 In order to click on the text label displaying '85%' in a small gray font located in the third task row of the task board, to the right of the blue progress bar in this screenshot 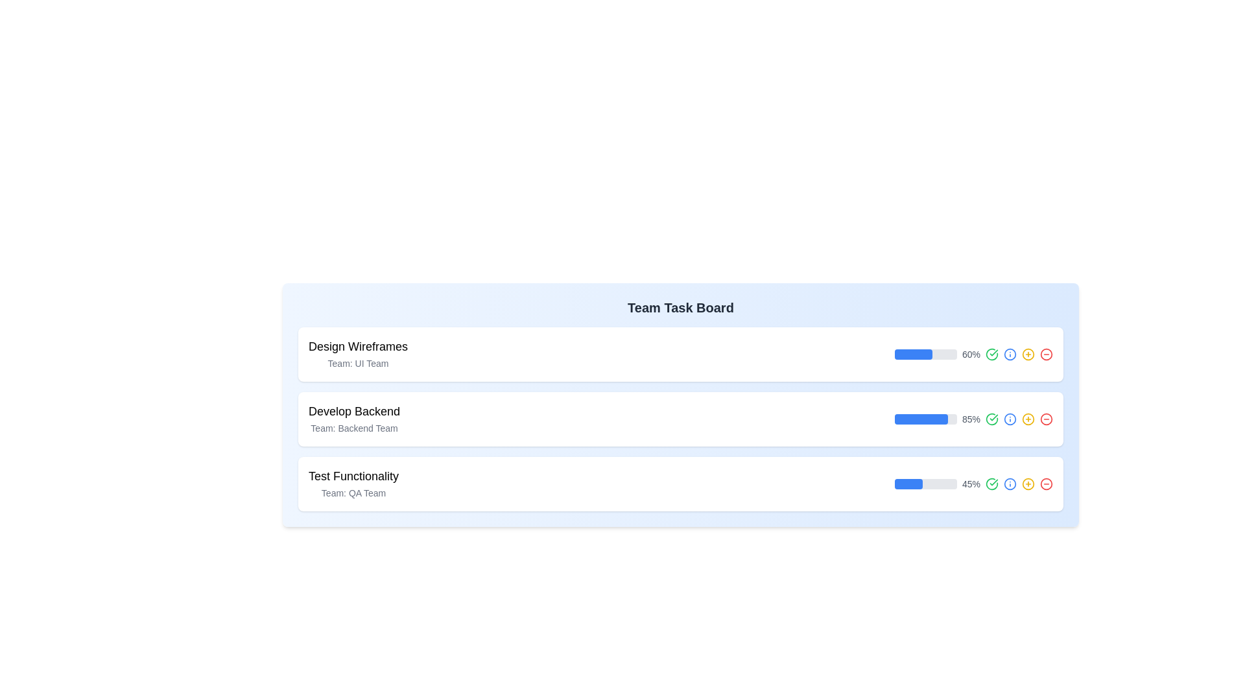, I will do `click(971, 419)`.